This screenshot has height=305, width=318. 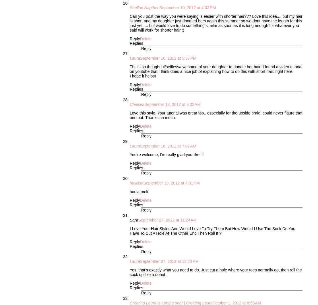 What do you see at coordinates (168, 146) in the screenshot?
I see `'September 18, 2012 at 7:07 AM'` at bounding box center [168, 146].